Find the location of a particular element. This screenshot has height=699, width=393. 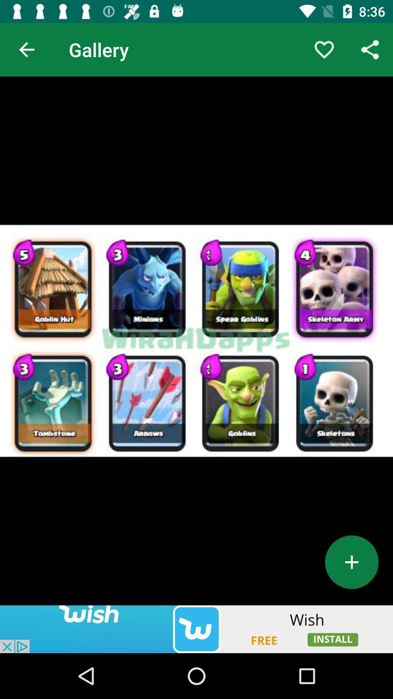

the add icon is located at coordinates (351, 562).